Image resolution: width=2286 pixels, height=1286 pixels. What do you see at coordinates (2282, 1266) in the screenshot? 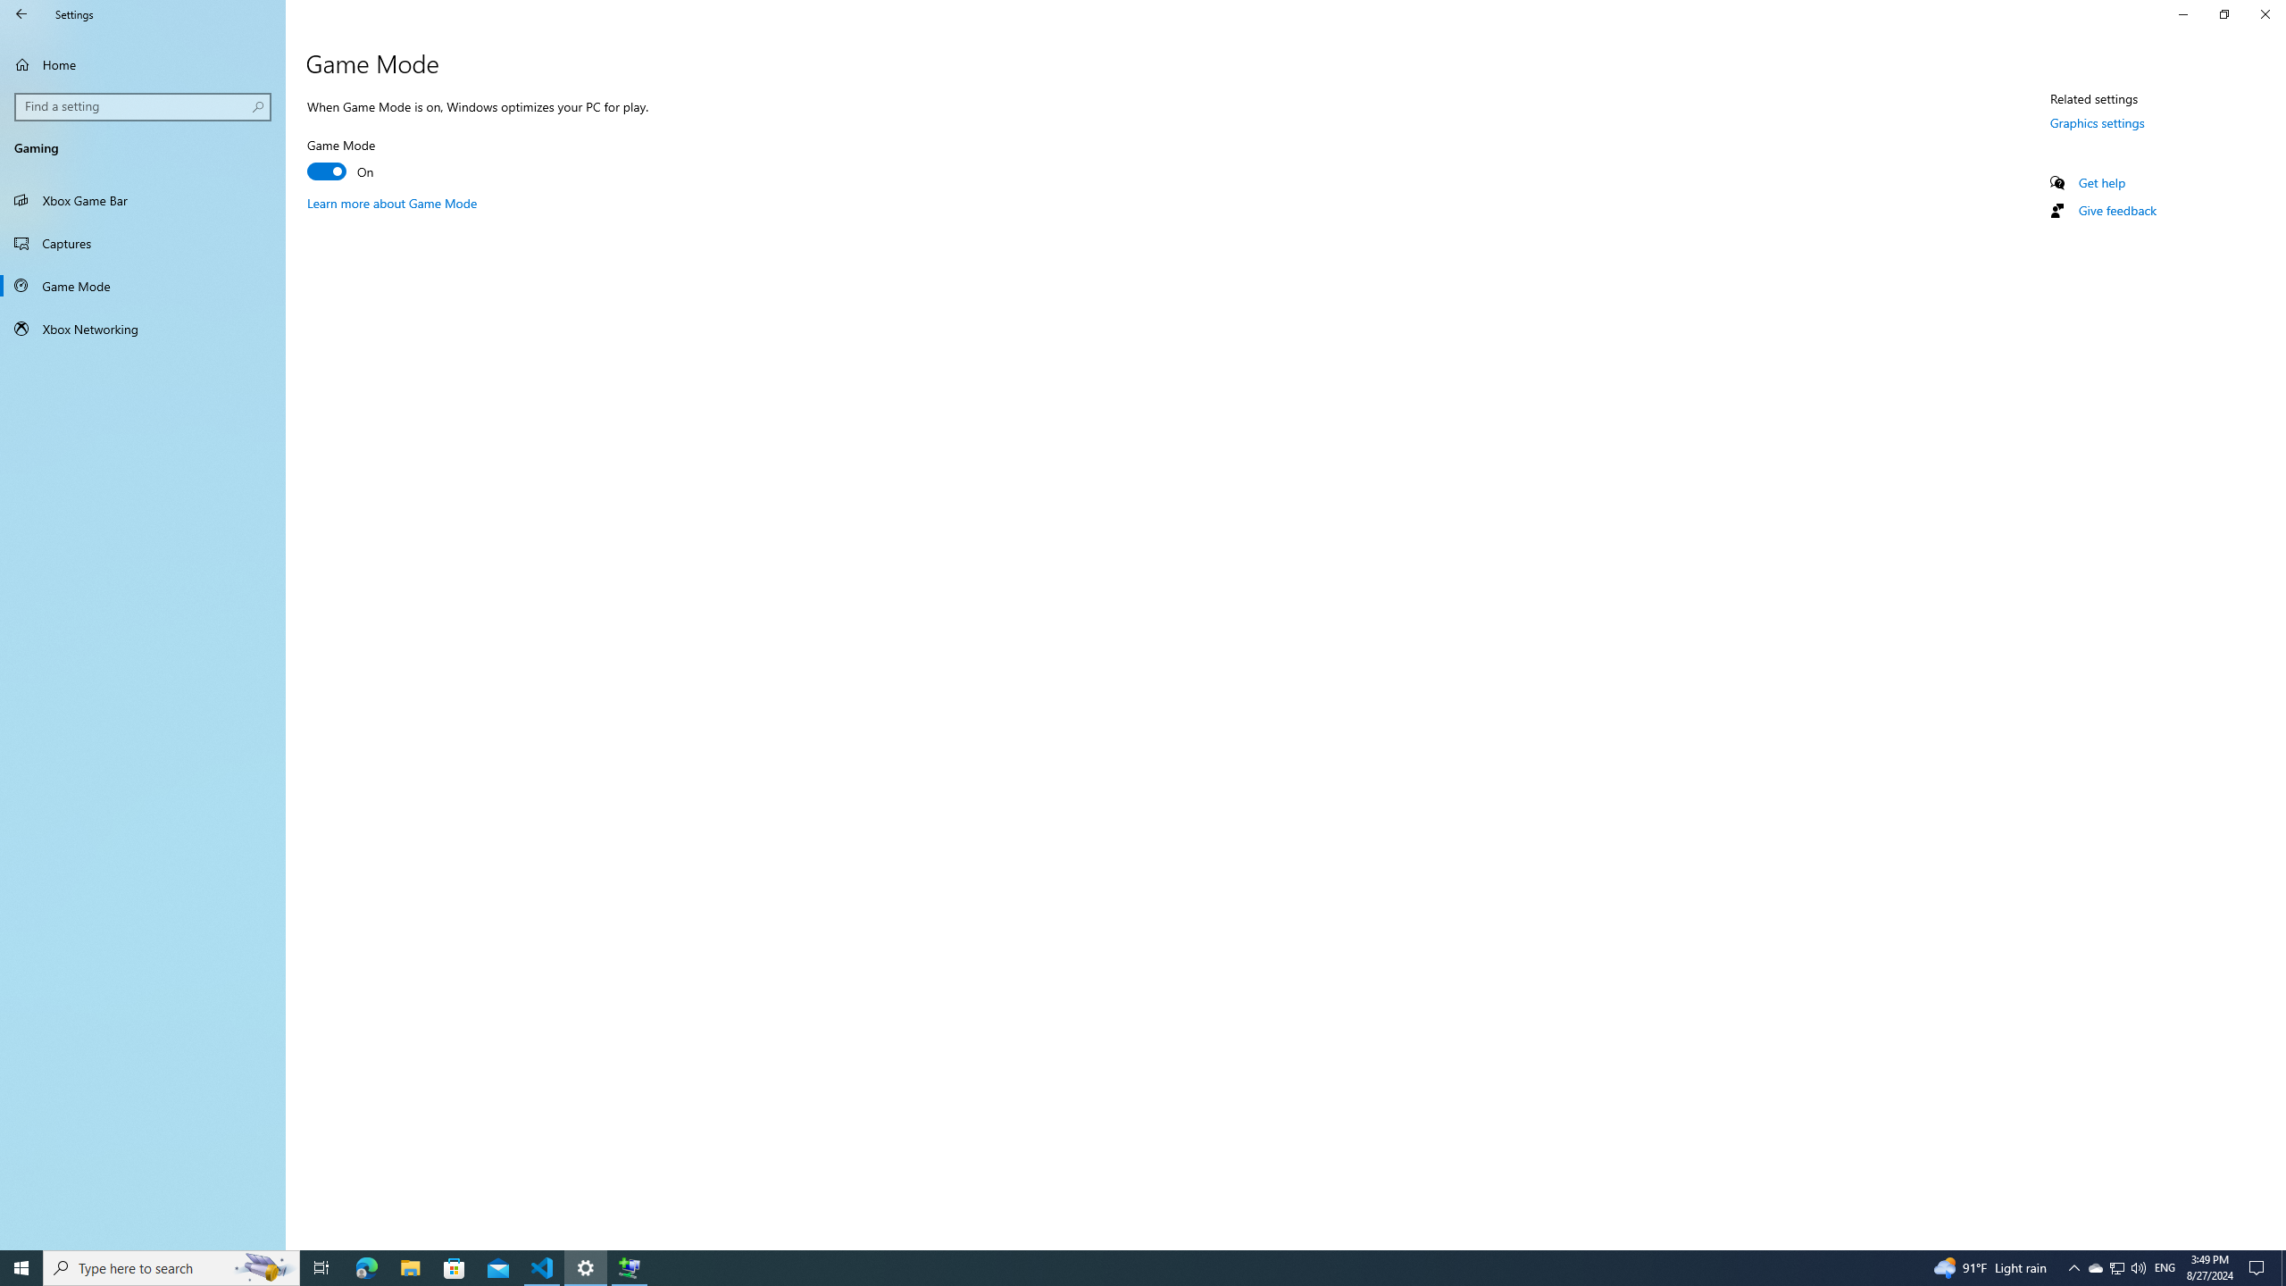
I see `'Show desktop'` at bounding box center [2282, 1266].